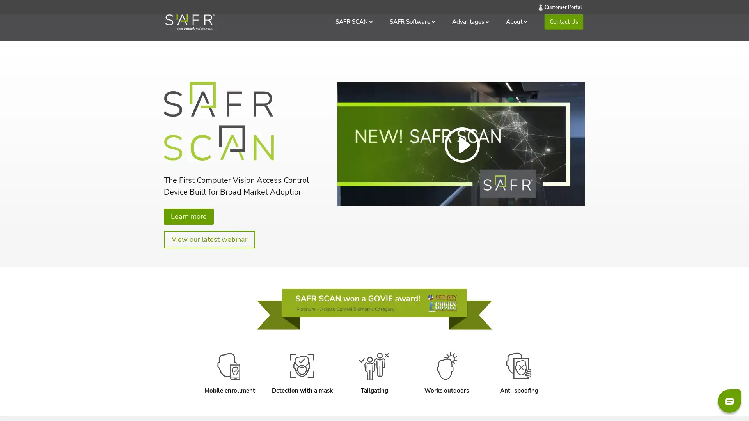  Describe the element at coordinates (537, 186) in the screenshot. I see `mute` at that location.